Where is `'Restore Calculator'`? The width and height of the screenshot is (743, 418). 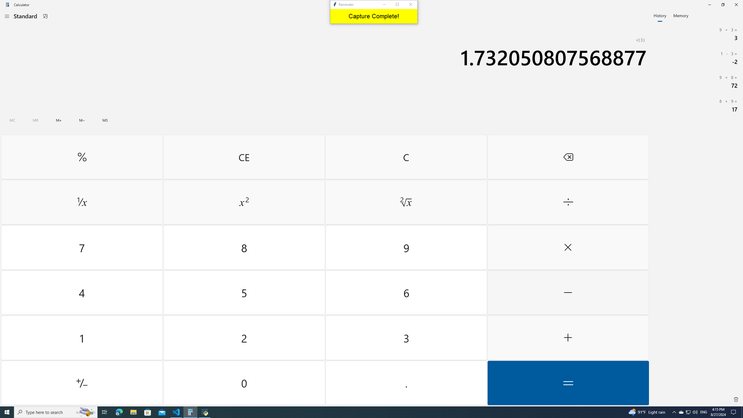
'Restore Calculator' is located at coordinates (723, 4).